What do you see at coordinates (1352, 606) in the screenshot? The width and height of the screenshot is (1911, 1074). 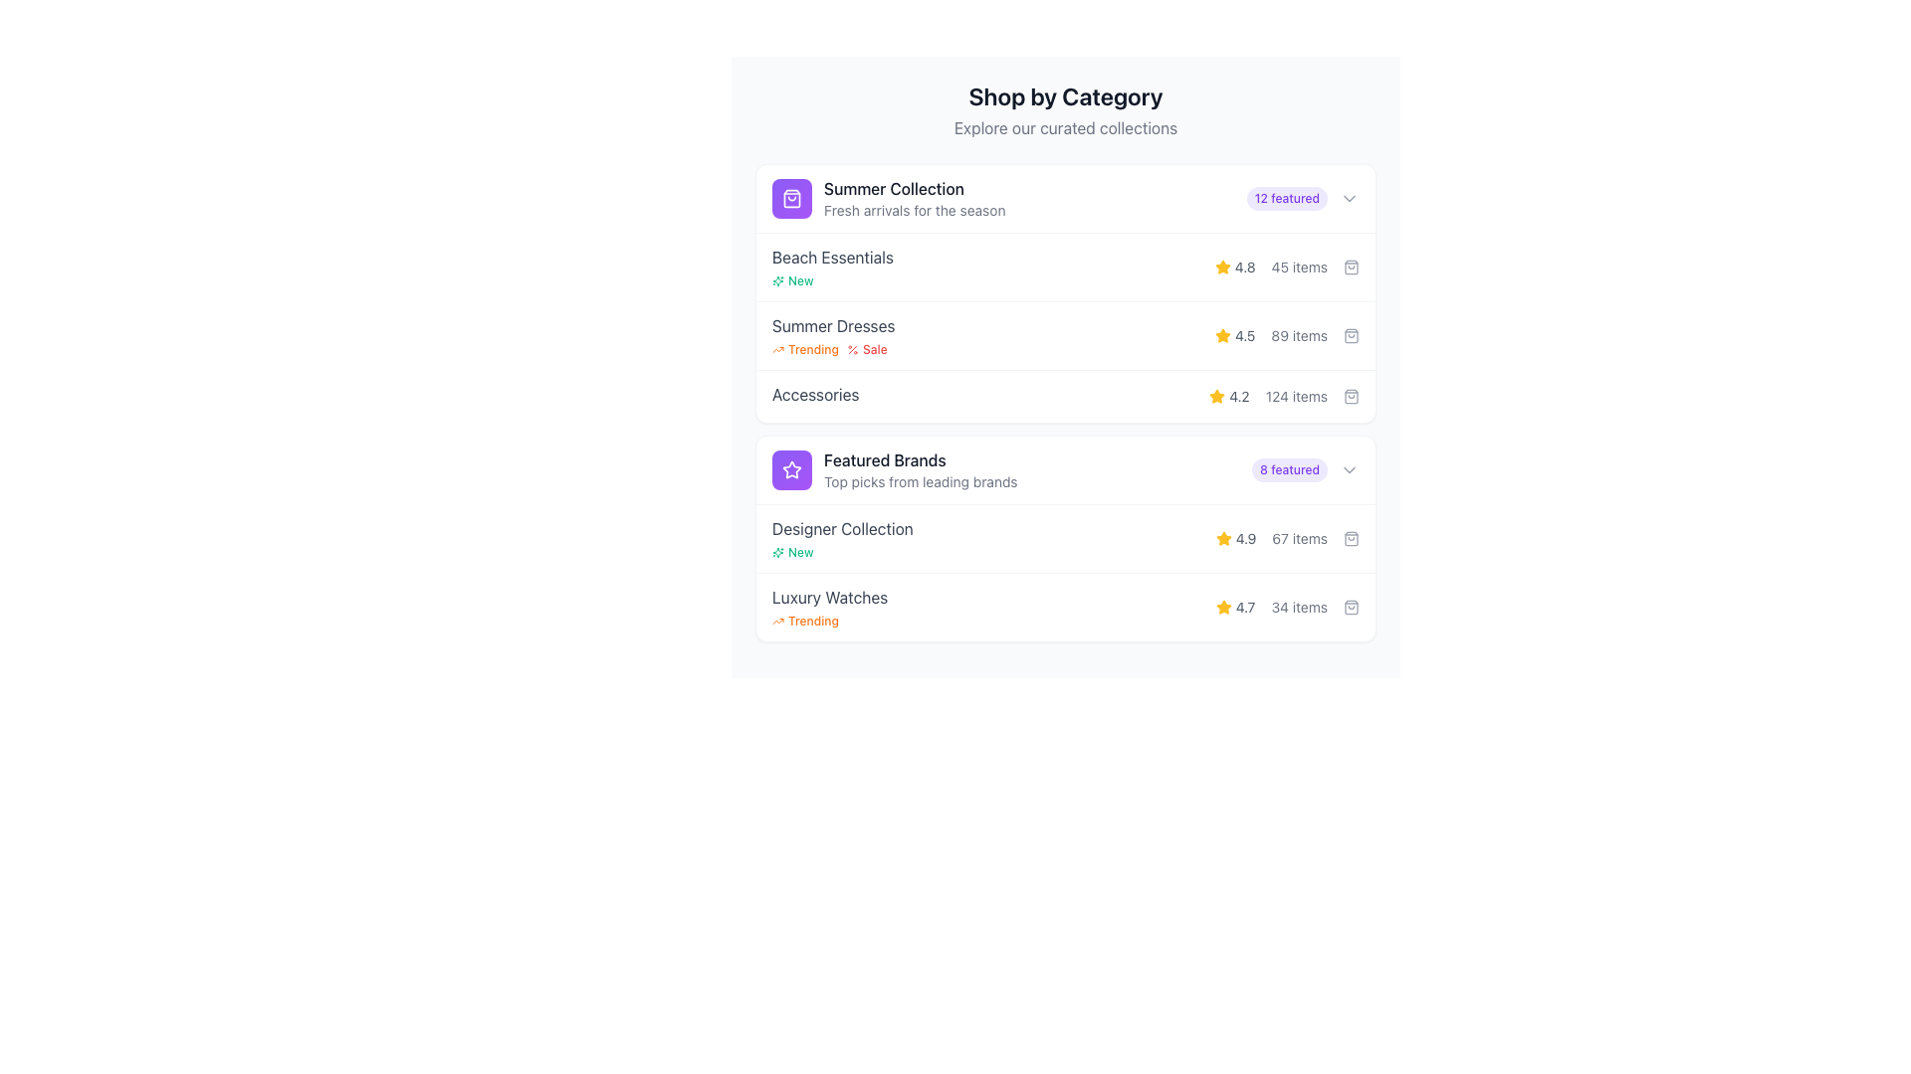 I see `the shopping bag icon that represents the main body outline, located near the bottom-right quadrant of the page adjacent to 'Luxury Watches'` at bounding box center [1352, 606].